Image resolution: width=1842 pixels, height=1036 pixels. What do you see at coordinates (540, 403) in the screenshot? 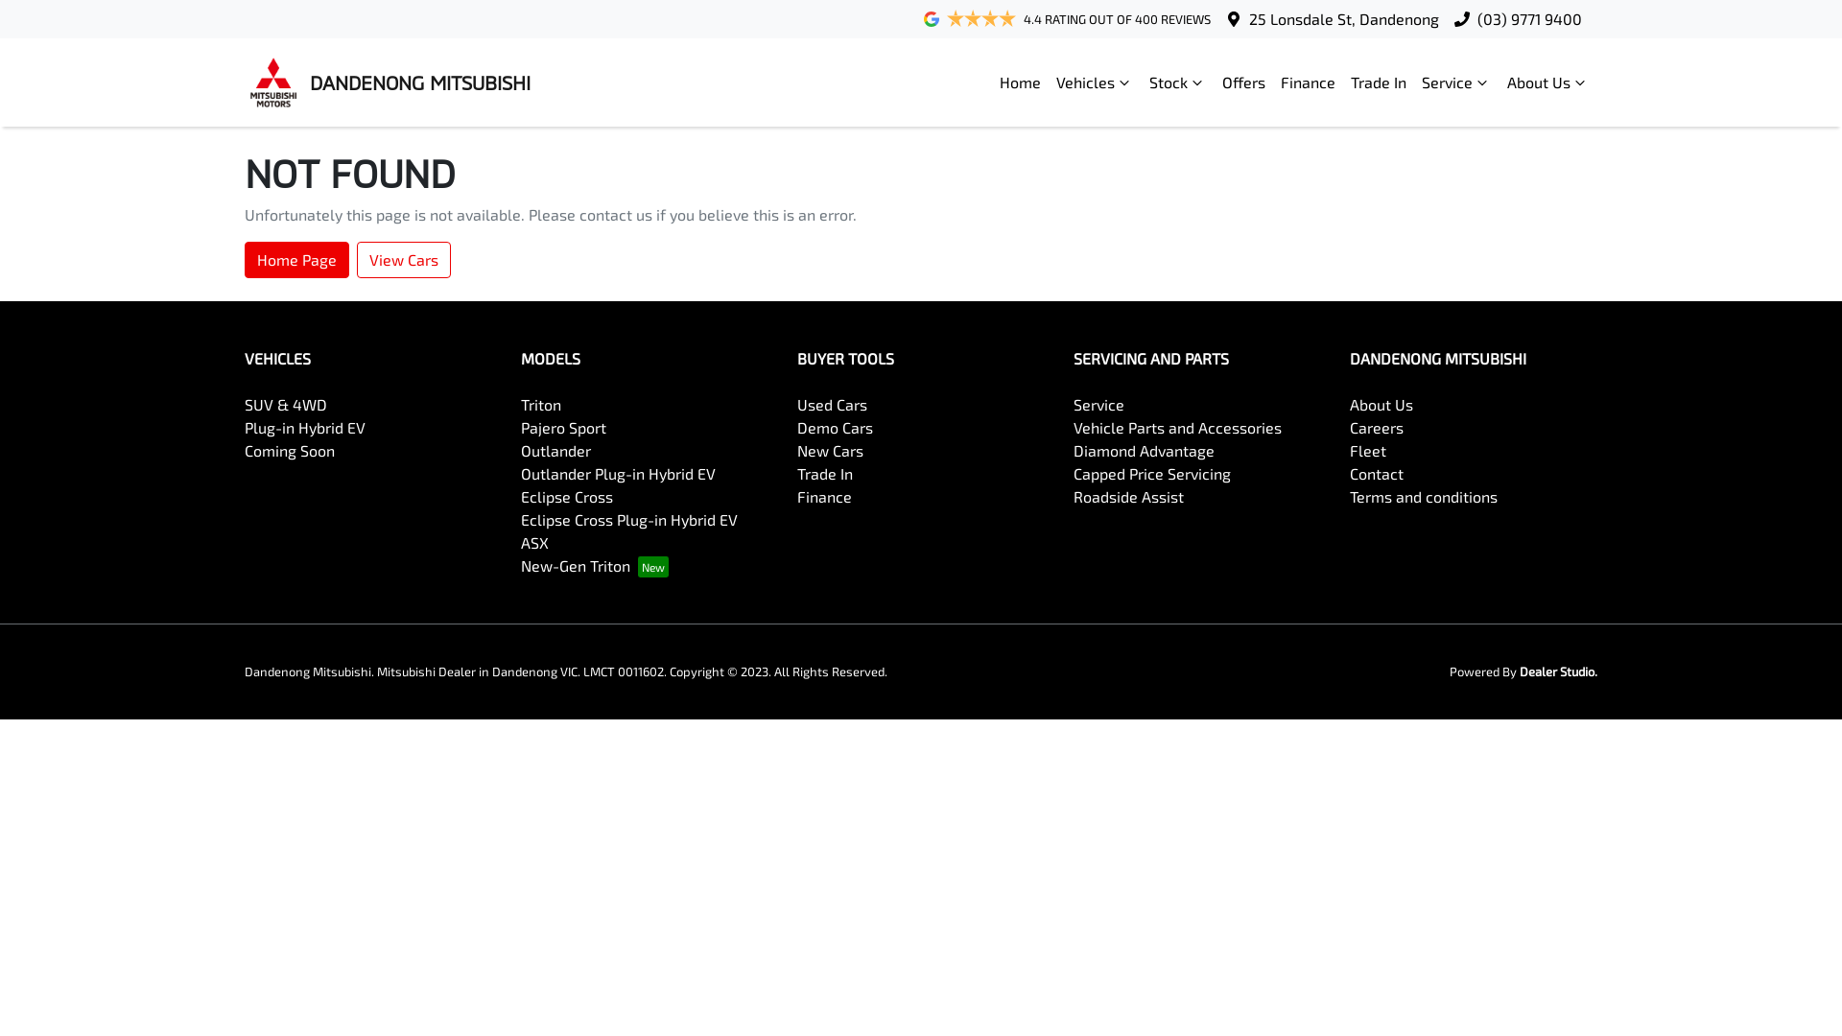
I see `'Triton'` at bounding box center [540, 403].